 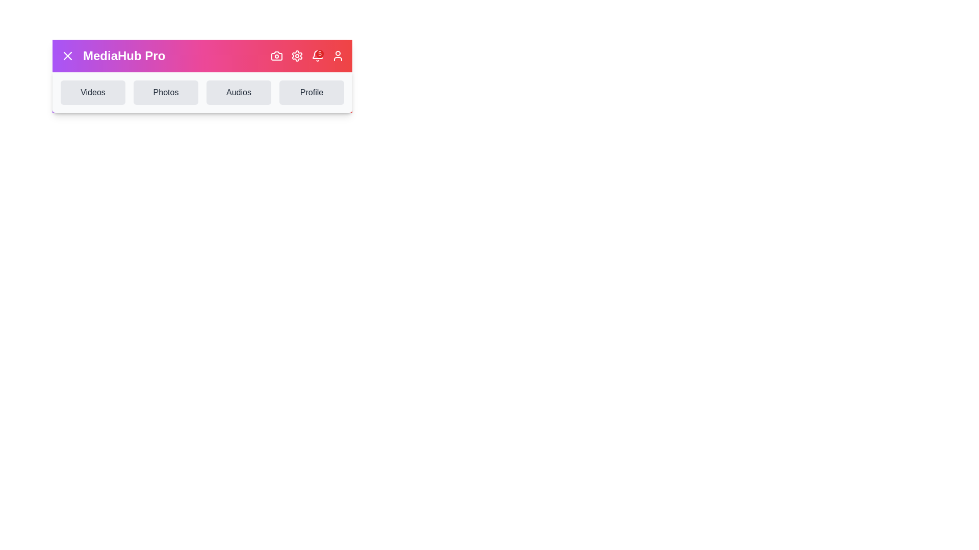 I want to click on the settings icon to open configuration options, so click(x=296, y=56).